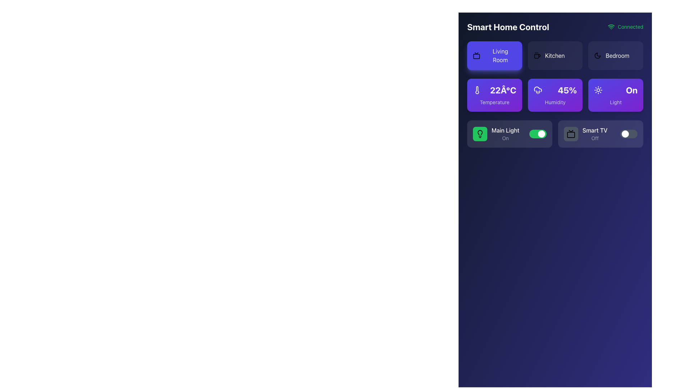  What do you see at coordinates (625, 134) in the screenshot?
I see `the toggle switch thumb, which is a small white circular object on the left side of the 'Smart TV' switch` at bounding box center [625, 134].